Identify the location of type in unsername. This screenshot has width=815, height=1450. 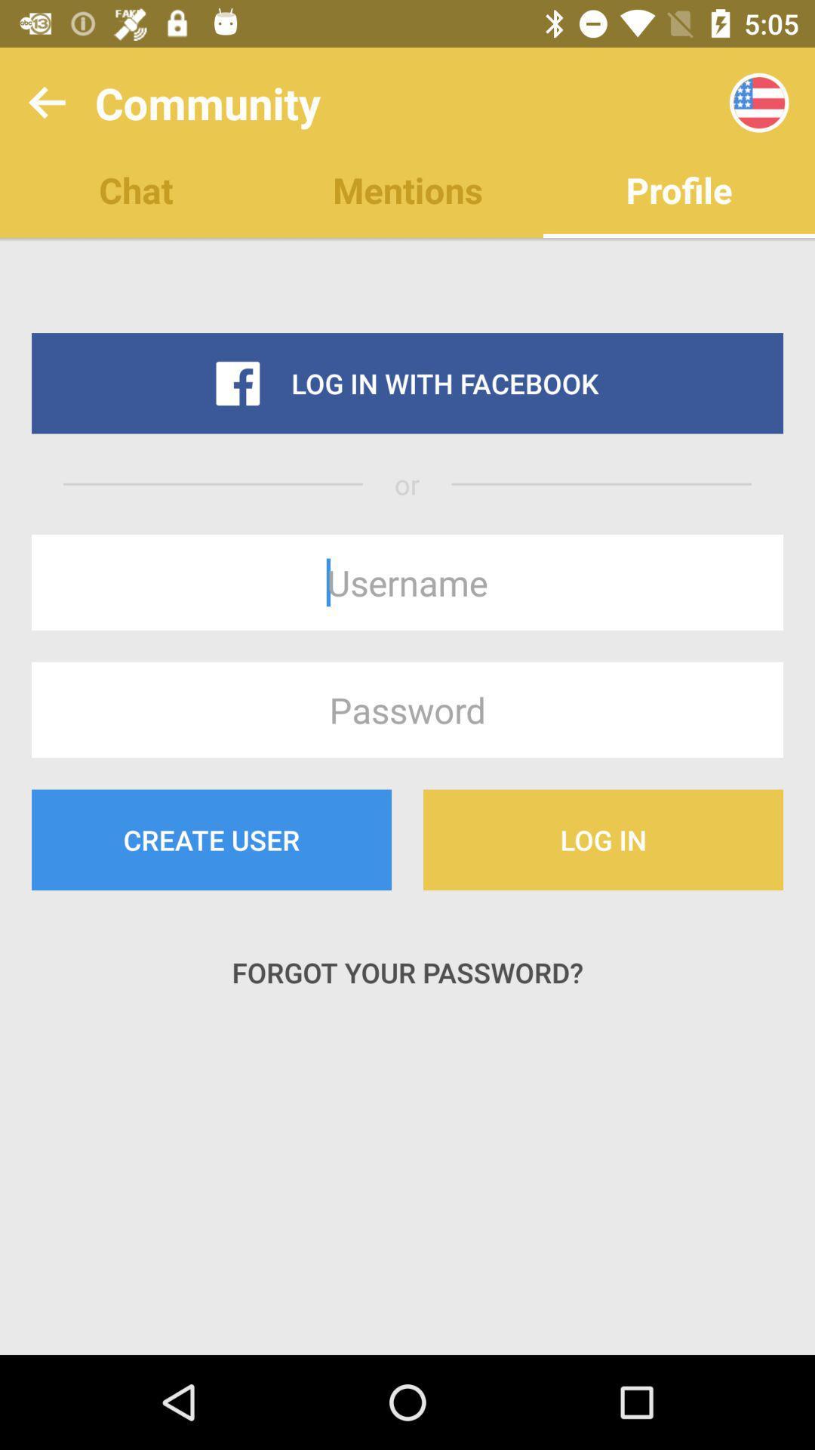
(407, 582).